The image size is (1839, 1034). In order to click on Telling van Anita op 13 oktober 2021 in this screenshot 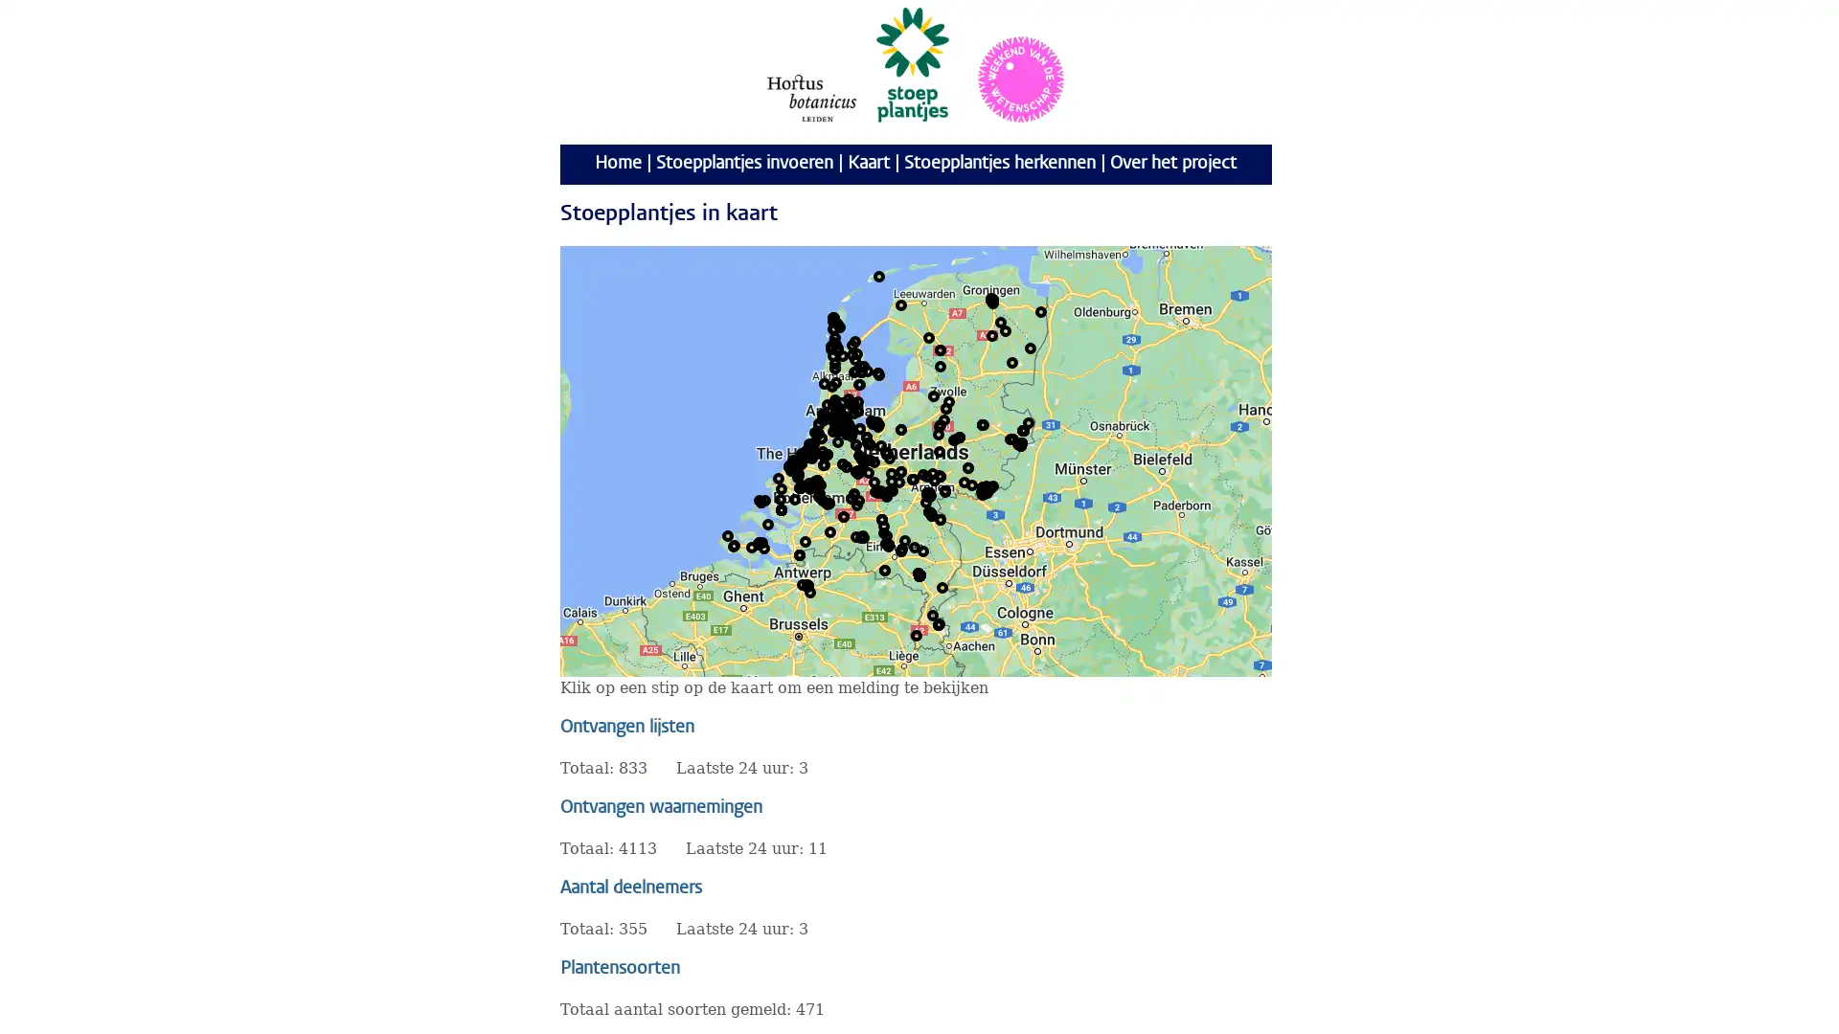, I will do `click(885, 543)`.